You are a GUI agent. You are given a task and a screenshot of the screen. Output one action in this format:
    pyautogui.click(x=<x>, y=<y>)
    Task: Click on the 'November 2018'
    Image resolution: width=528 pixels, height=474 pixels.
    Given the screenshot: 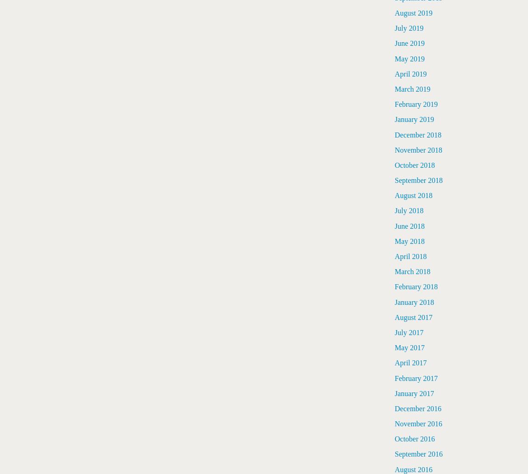 What is the action you would take?
    pyautogui.click(x=418, y=149)
    